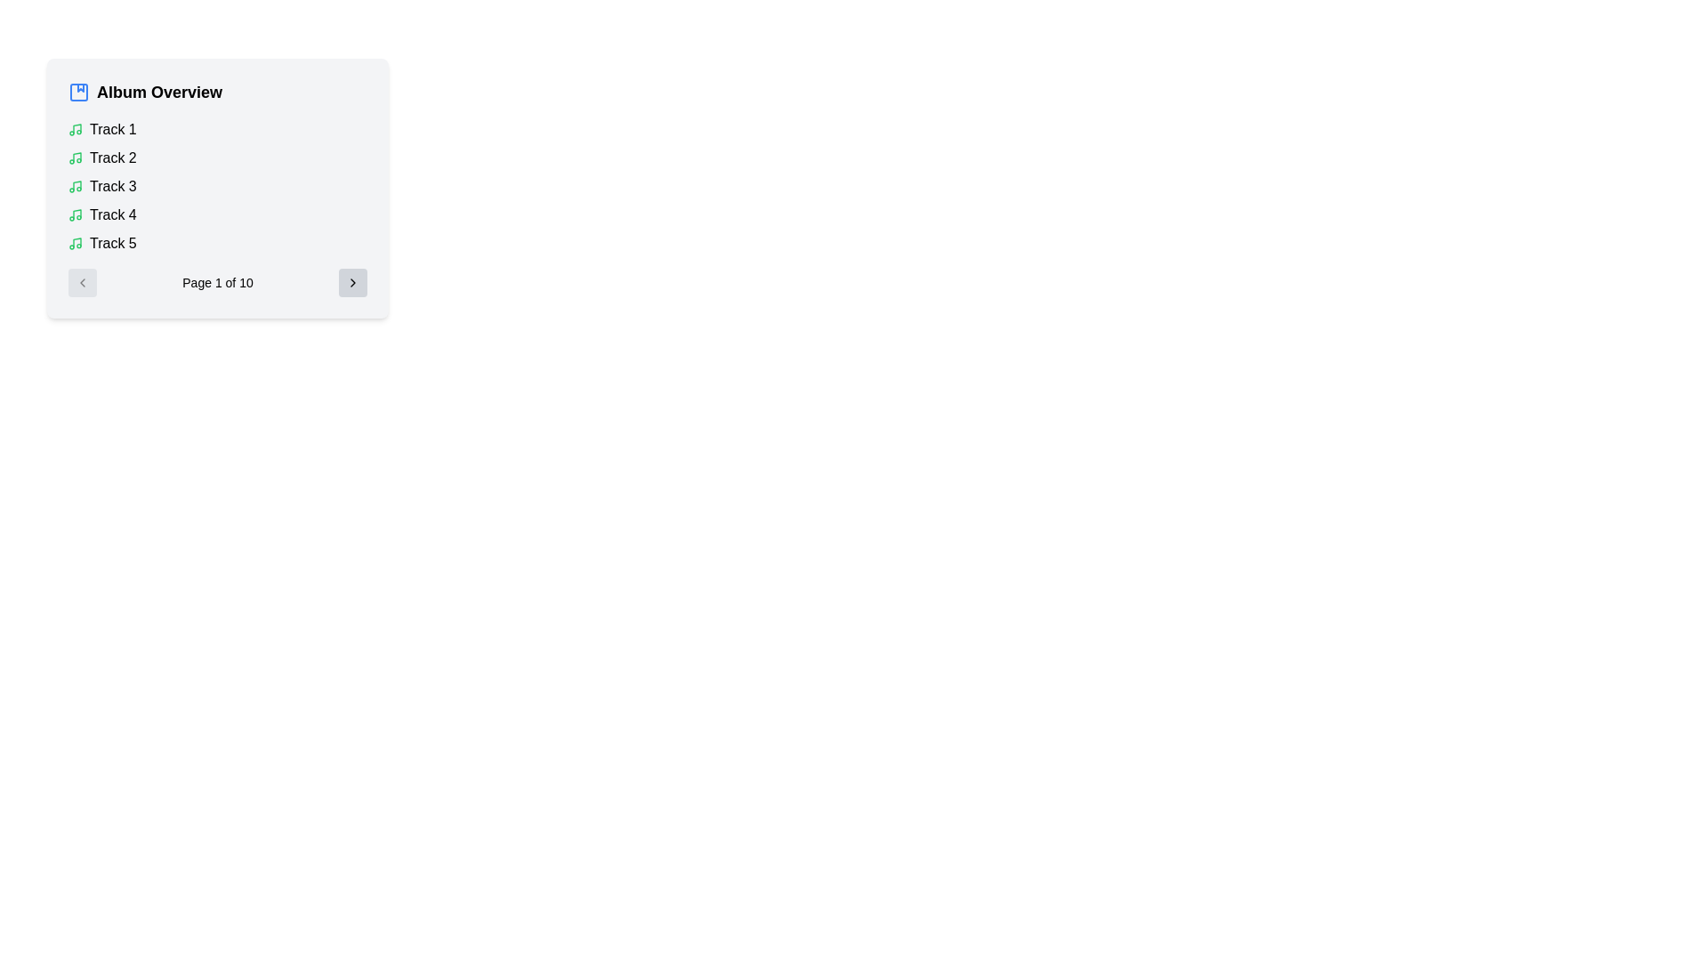 This screenshot has width=1708, height=961. I want to click on the 'next' button located in the bottom-right corner of the 'Album Overview' card, so click(353, 281).